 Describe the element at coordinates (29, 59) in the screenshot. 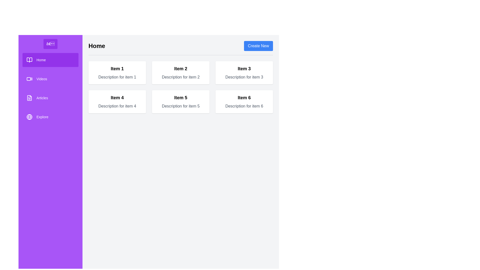

I see `the 'Home' icon located in the sidebar navigation menu` at that location.